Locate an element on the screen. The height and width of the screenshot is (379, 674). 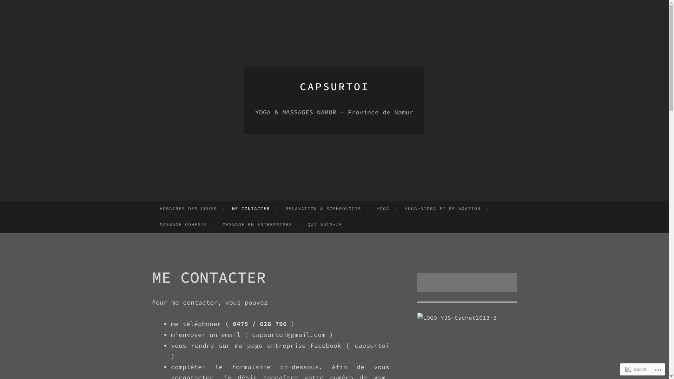
'MASSAGE EN ENTREPRISES' is located at coordinates (257, 225).